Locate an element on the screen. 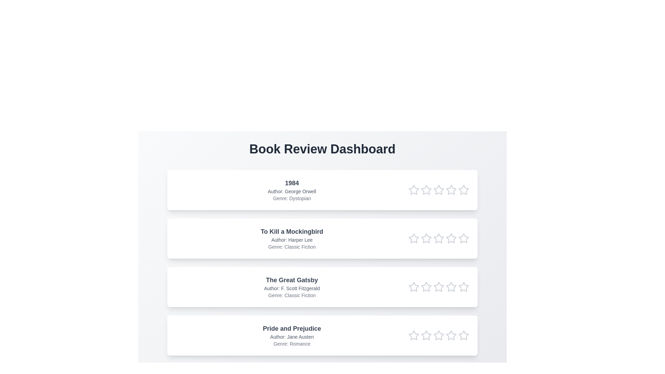 The image size is (665, 374). the rating of the book 'To Kill a Mockingbird' to 3 stars by clicking on the respective star is located at coordinates (438, 238).